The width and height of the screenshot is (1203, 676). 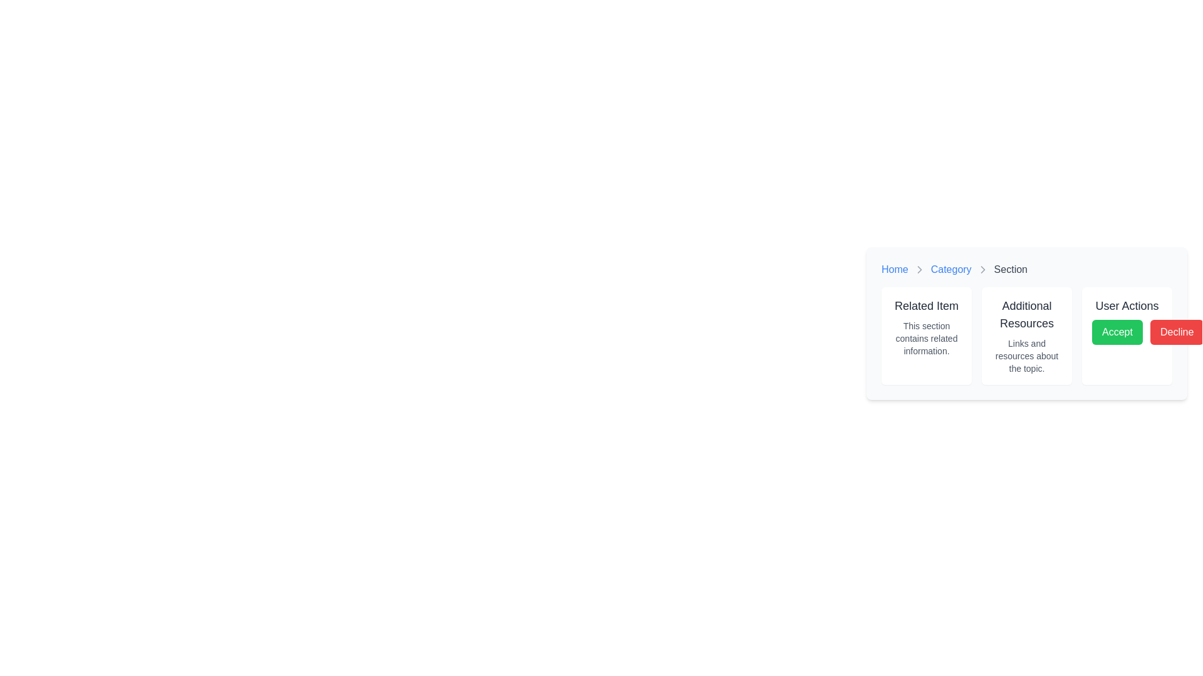 What do you see at coordinates (1026, 335) in the screenshot?
I see `the informational card located in the middle of a three-column grid, positioned to the right of the 'Related Item' card and to the left of the 'User Actions' card` at bounding box center [1026, 335].